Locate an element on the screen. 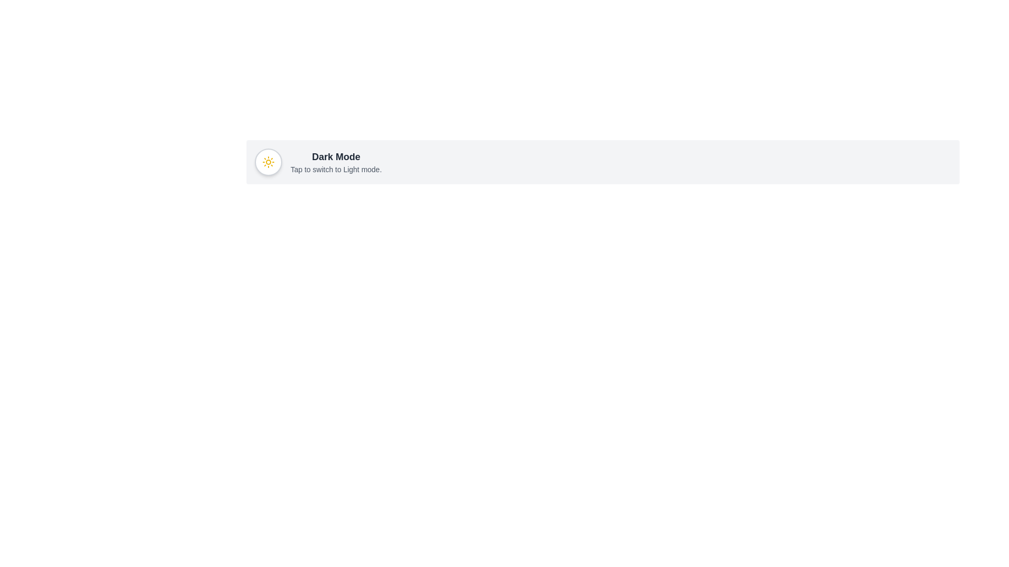  the static text label providing instructional information related to mode switching, located directly below the 'Dark Mode' text is located at coordinates (335, 169).